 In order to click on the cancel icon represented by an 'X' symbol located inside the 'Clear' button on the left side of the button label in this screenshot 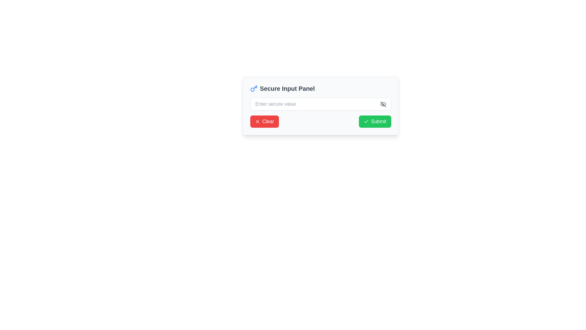, I will do `click(257, 121)`.